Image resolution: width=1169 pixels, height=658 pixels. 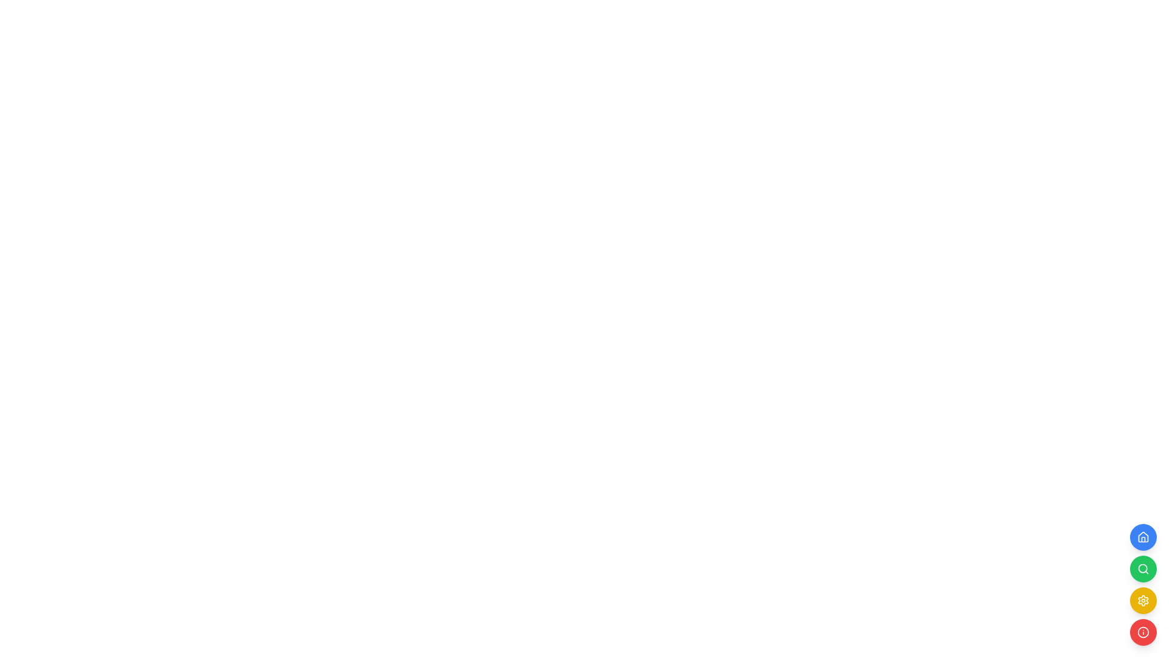 I want to click on the circular shape of the 'info' icon, which is a part of the SVG graphic element located at the bottom-right corner of the application interface, so click(x=1142, y=631).